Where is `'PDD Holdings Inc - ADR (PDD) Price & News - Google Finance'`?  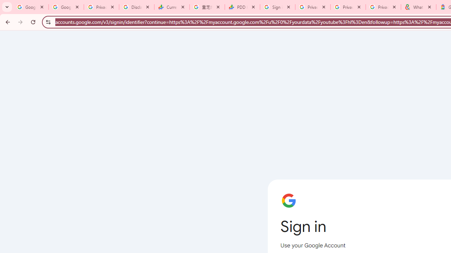 'PDD Holdings Inc - ADR (PDD) Price & News - Google Finance' is located at coordinates (242, 7).